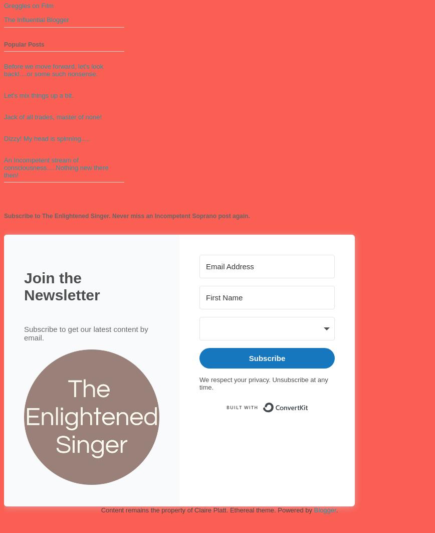  What do you see at coordinates (324, 509) in the screenshot?
I see `'Blogger'` at bounding box center [324, 509].